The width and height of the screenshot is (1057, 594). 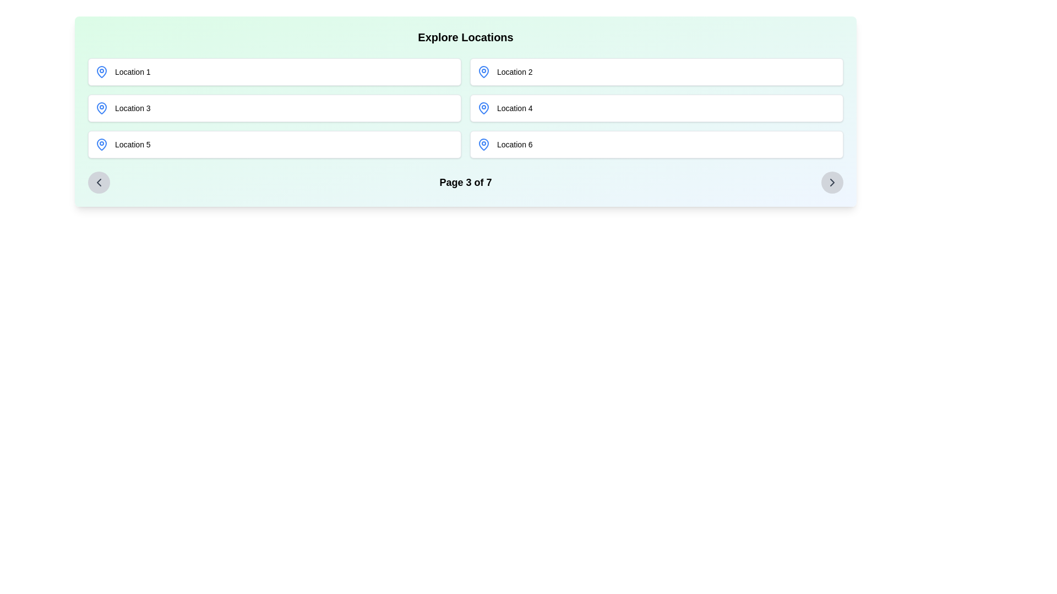 I want to click on text content of the 'Location 2' label, which is displayed in medium black font as part of the interactive card layout, so click(x=514, y=72).